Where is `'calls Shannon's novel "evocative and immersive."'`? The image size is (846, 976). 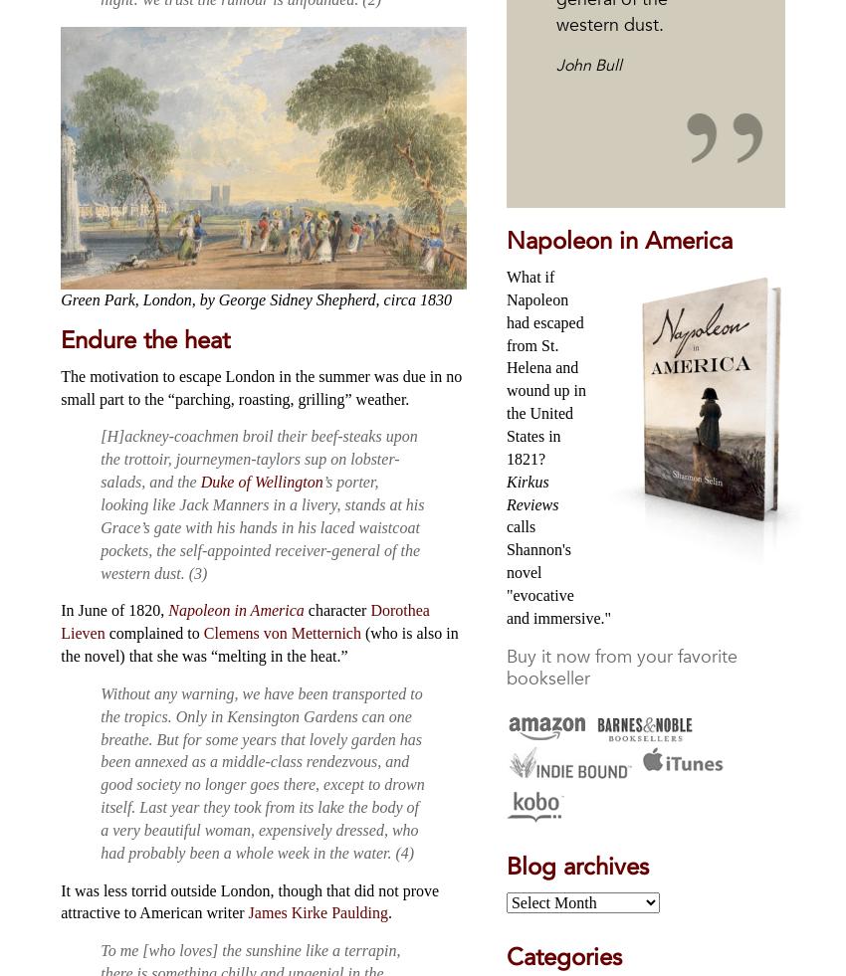
'calls Shannon's novel "evocative and immersive."' is located at coordinates (558, 571).